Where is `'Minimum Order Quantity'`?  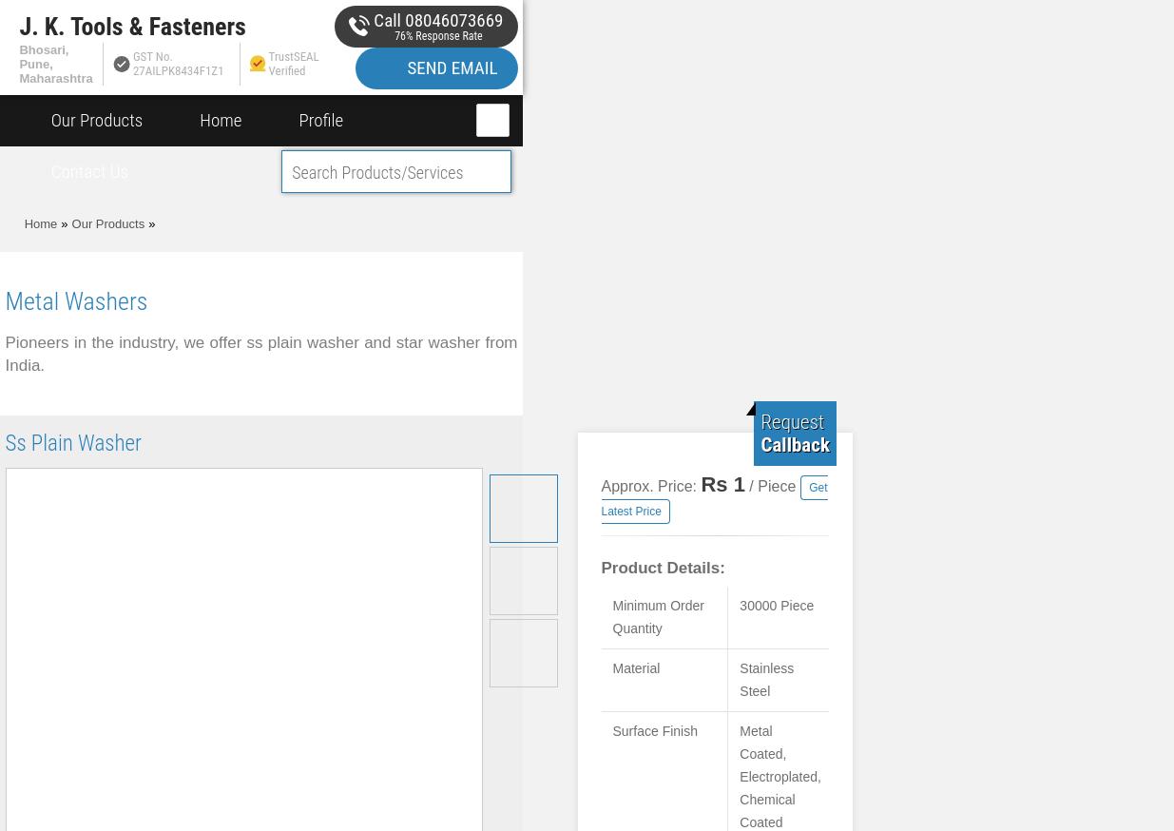 'Minimum Order Quantity' is located at coordinates (657, 616).